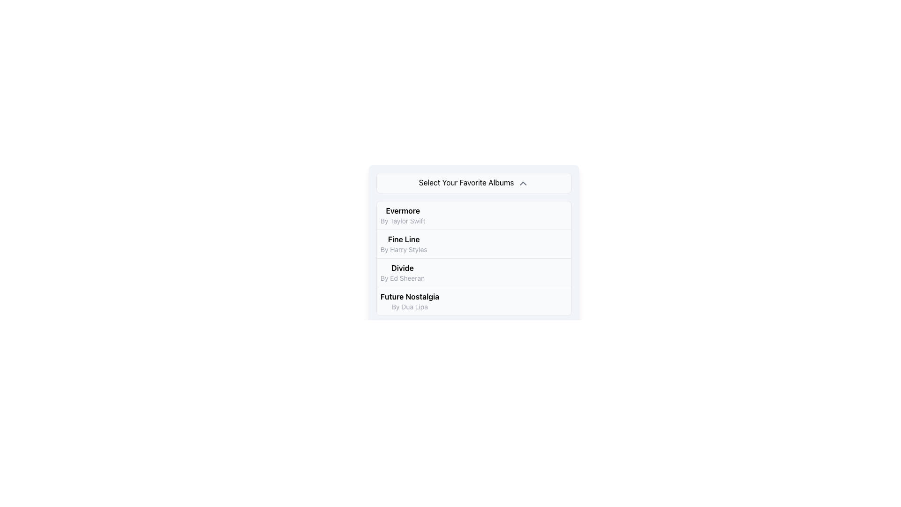 This screenshot has width=901, height=507. I want to click on text label displaying 'By Harry Styles', which is positioned below the 'Fine Line' title in the vertical item list, so click(404, 249).